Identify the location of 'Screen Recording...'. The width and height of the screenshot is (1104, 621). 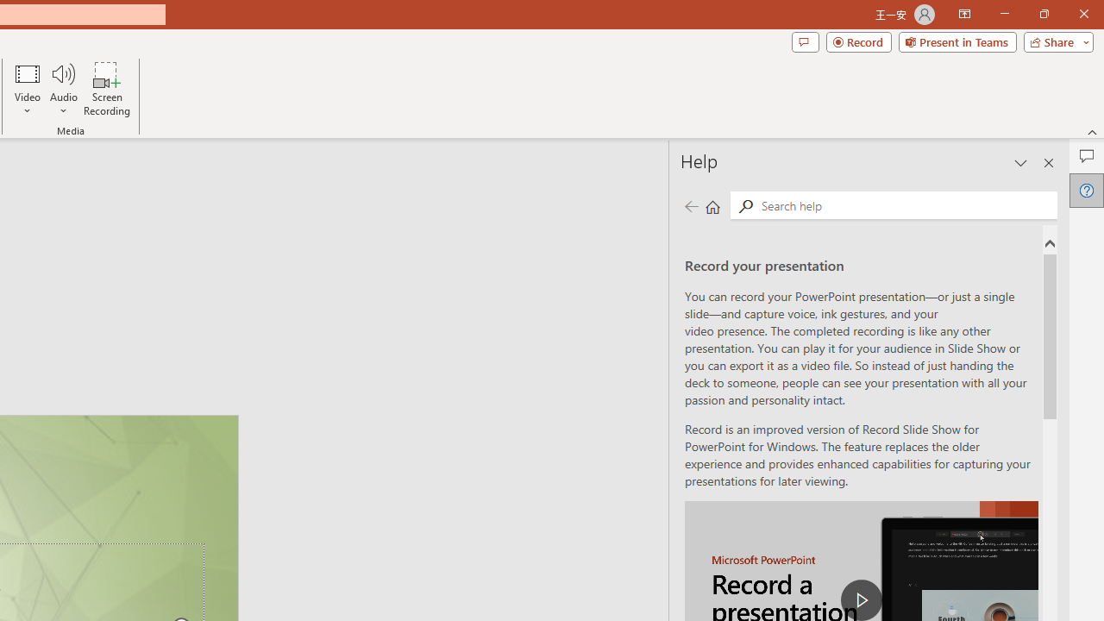
(106, 89).